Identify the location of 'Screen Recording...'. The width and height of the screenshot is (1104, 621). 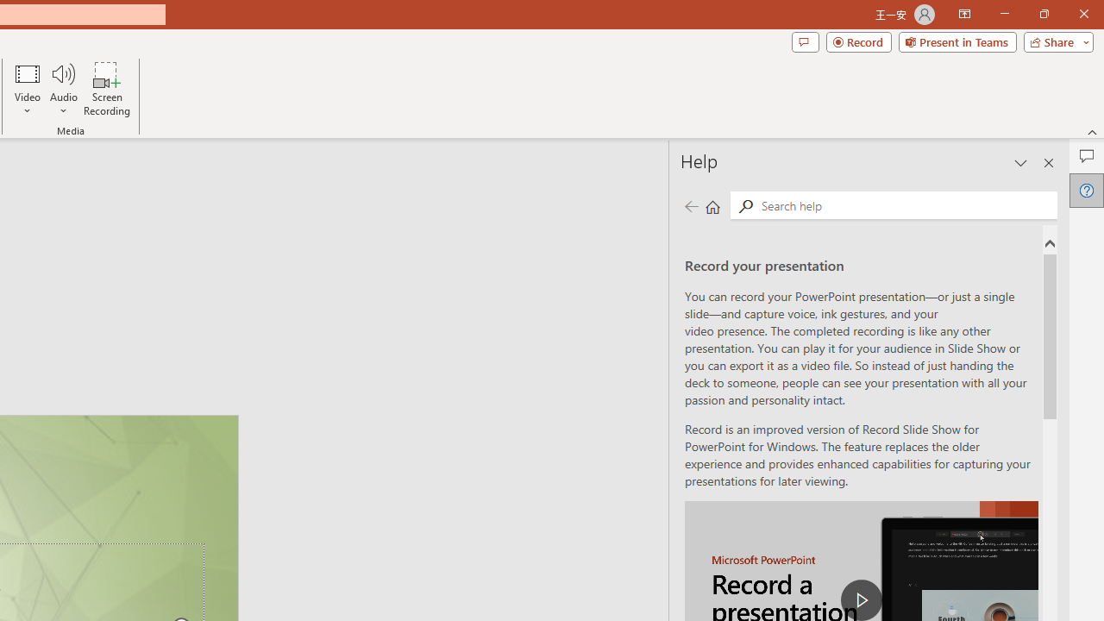
(106, 89).